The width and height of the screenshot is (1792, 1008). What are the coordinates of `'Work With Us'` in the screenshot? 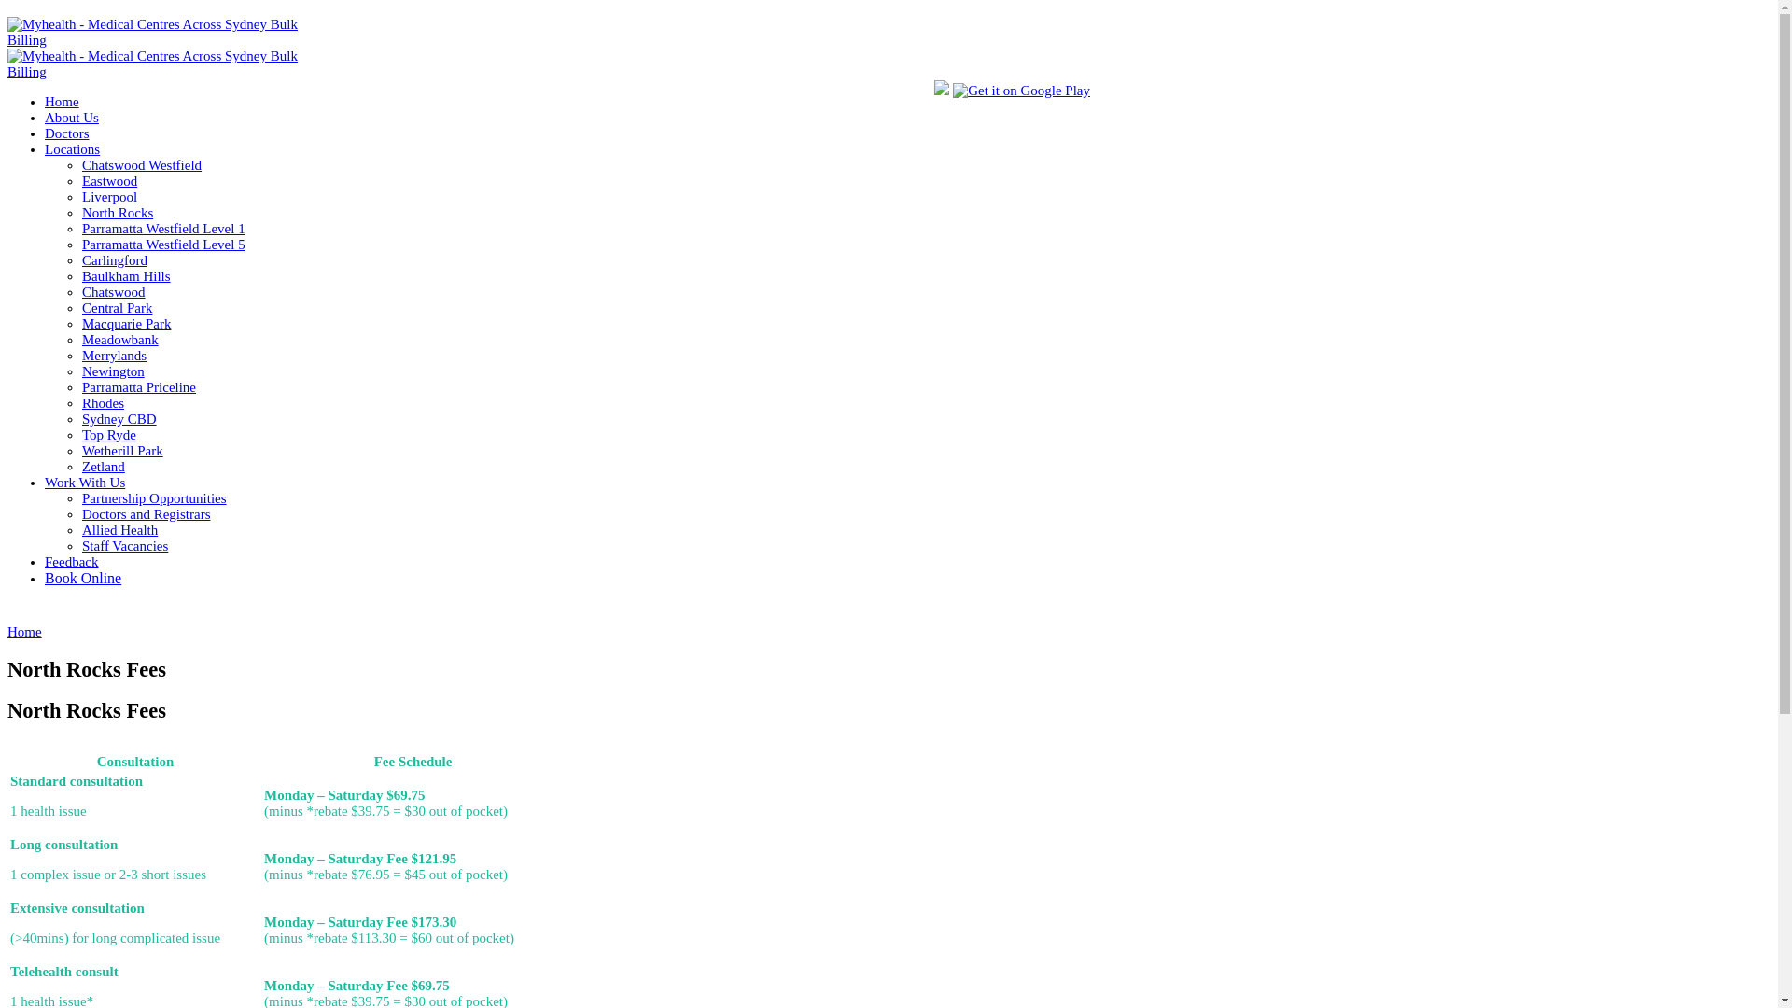 It's located at (84, 481).